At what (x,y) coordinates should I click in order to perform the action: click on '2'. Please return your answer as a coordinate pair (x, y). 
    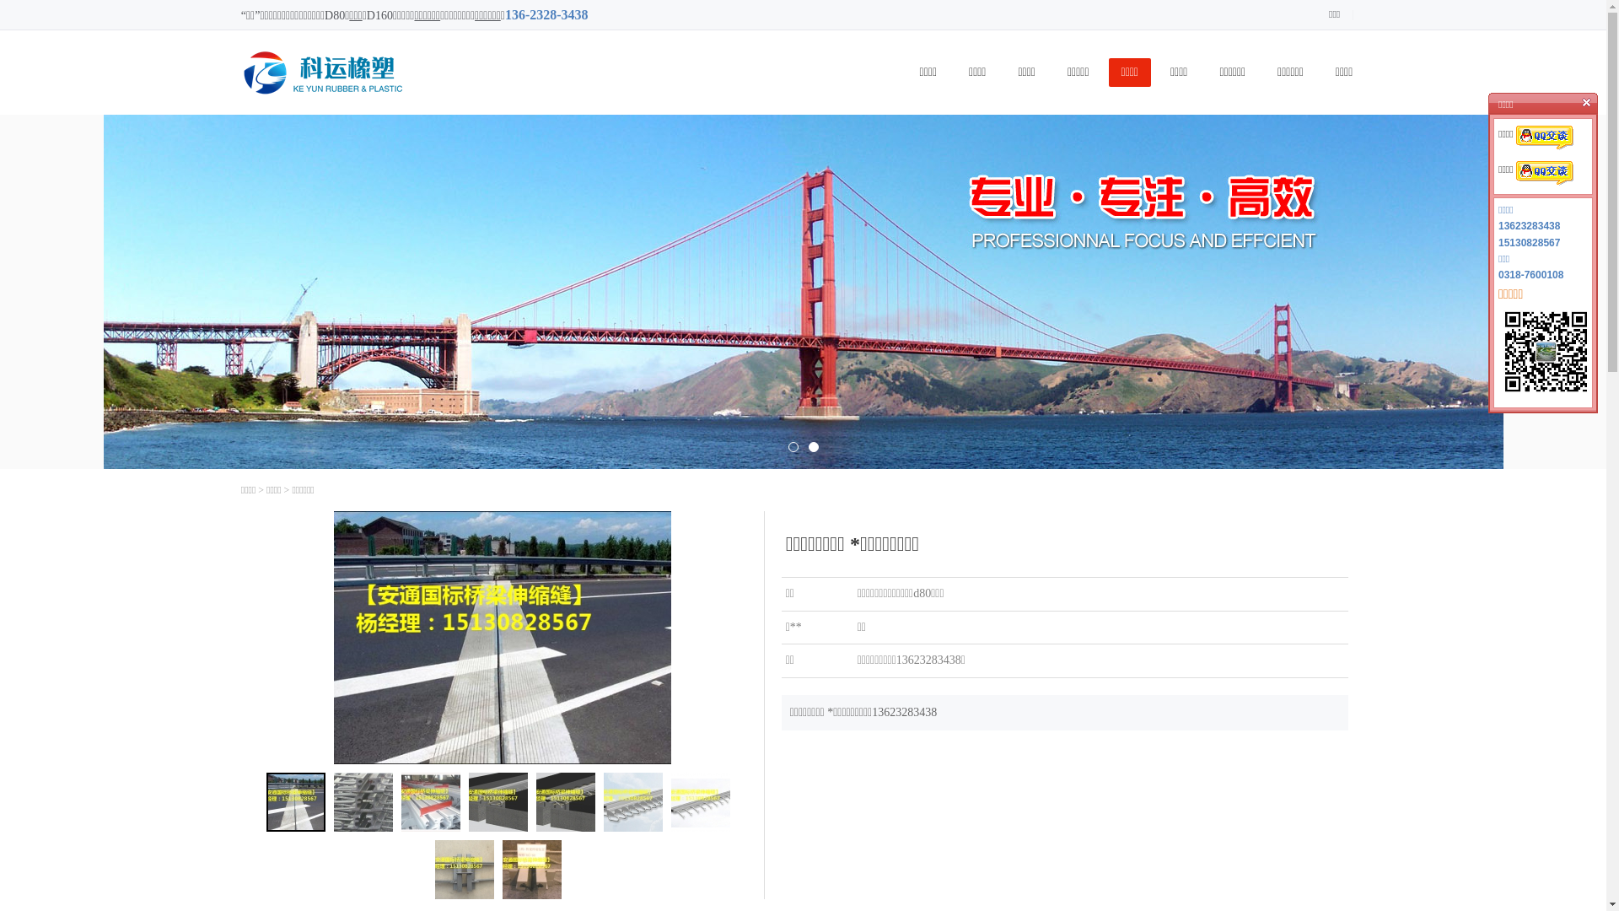
    Looking at the image, I should click on (813, 445).